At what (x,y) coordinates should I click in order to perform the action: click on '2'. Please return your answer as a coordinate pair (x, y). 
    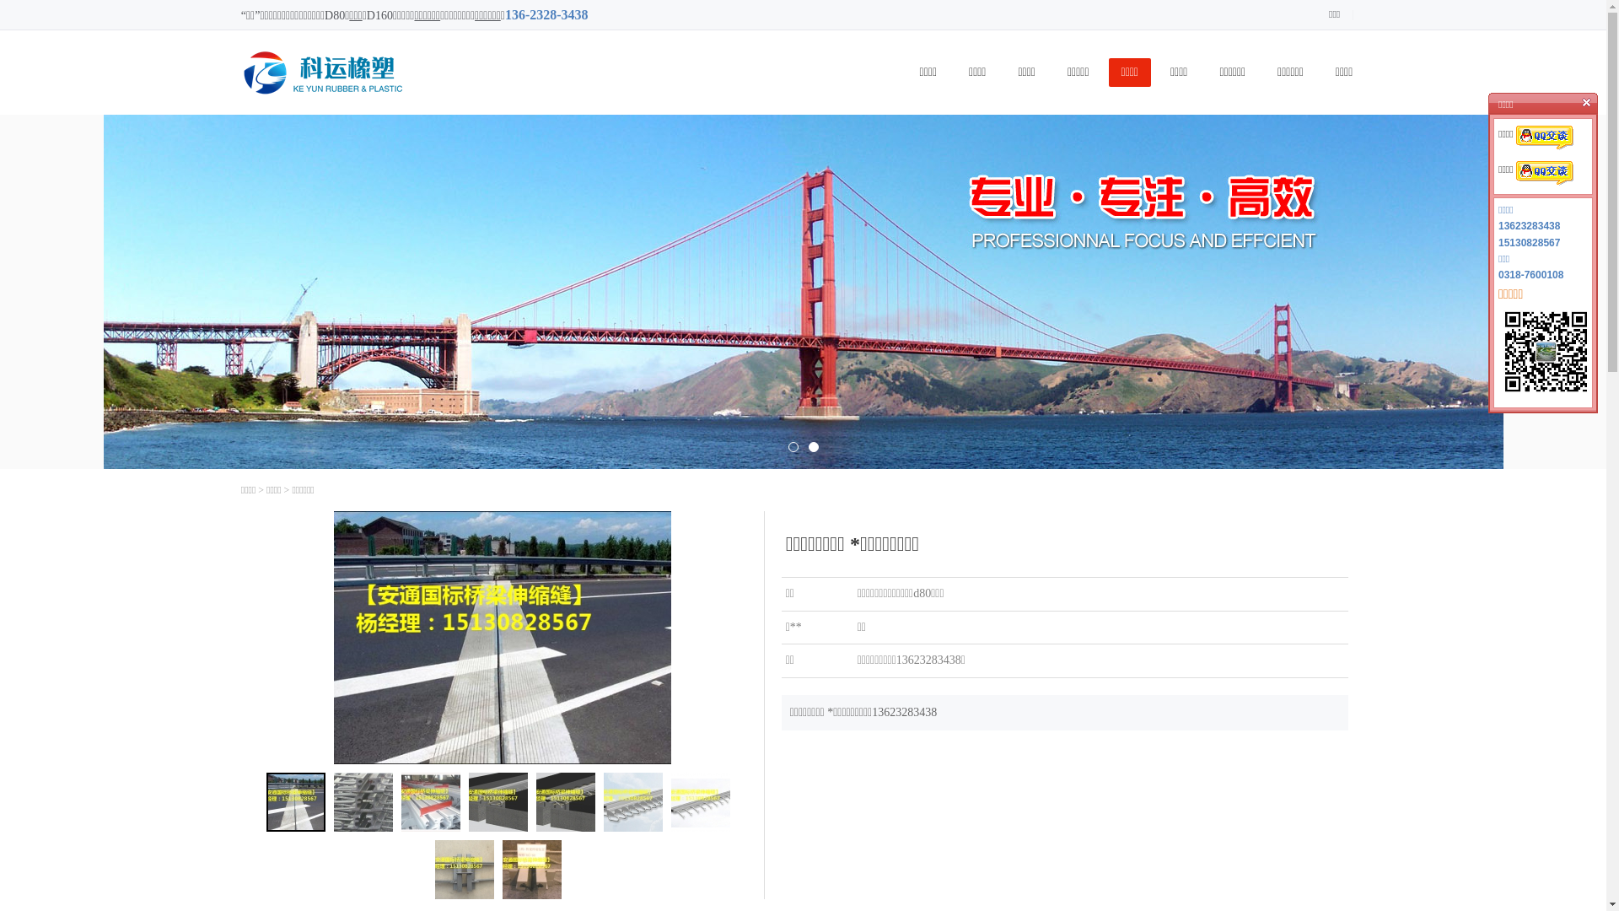
    Looking at the image, I should click on (813, 445).